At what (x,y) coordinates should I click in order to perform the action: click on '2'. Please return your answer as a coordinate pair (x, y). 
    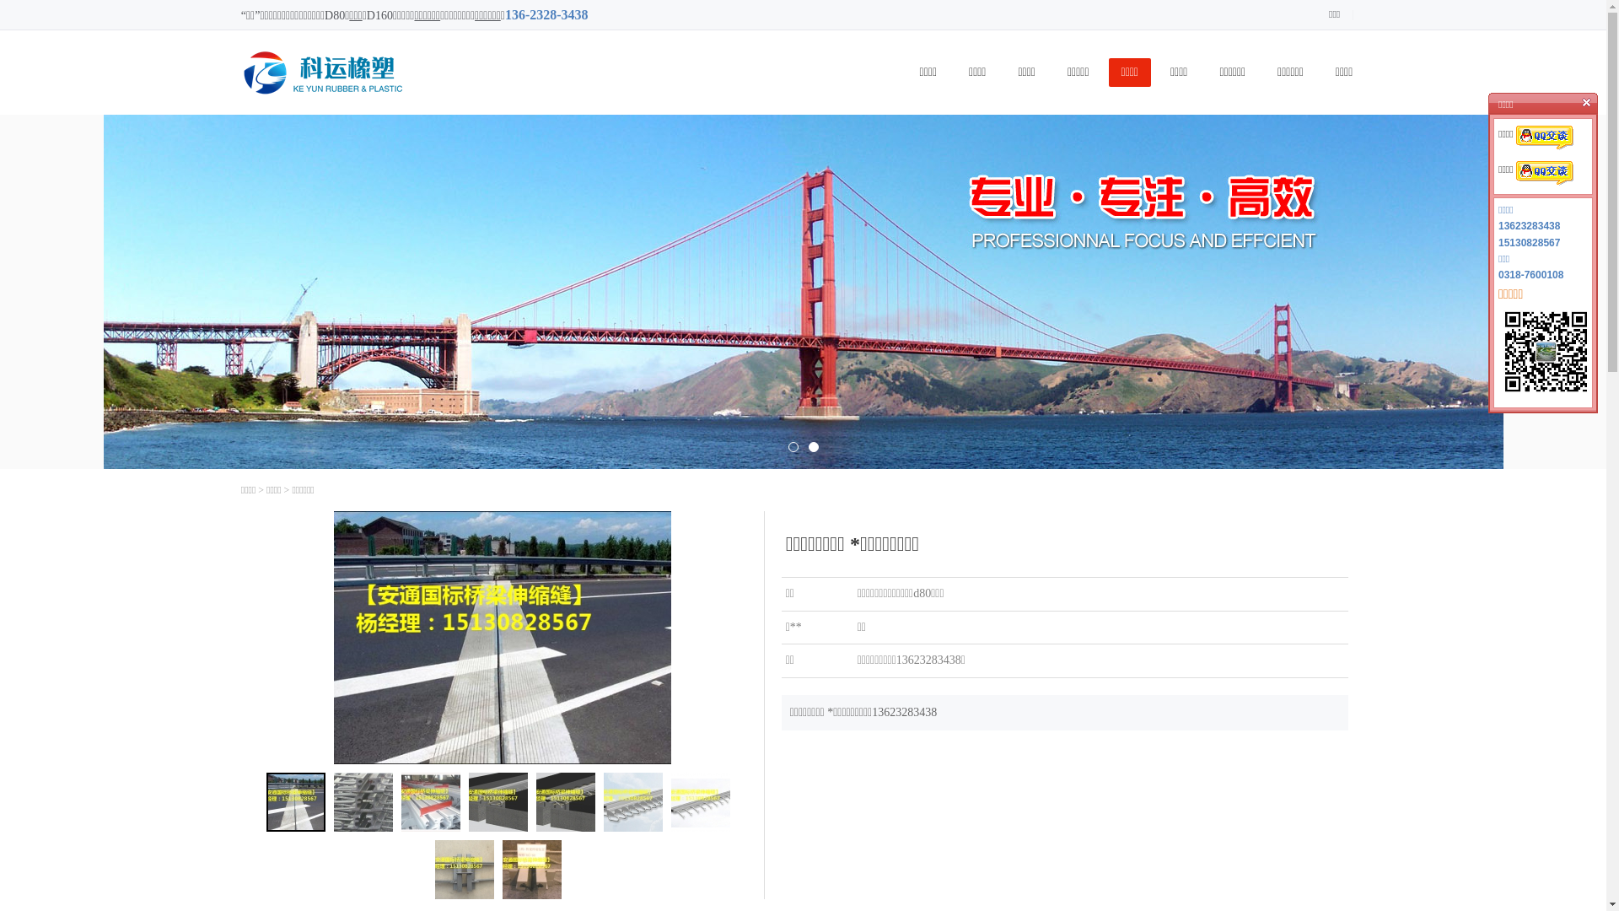
    Looking at the image, I should click on (813, 445).